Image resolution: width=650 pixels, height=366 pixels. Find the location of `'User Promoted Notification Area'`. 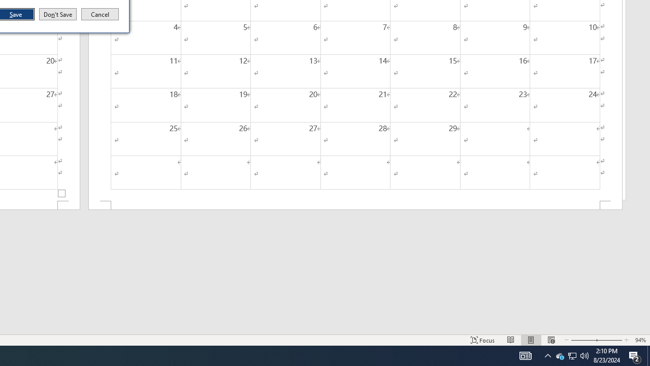

'User Promoted Notification Area' is located at coordinates (572, 355).